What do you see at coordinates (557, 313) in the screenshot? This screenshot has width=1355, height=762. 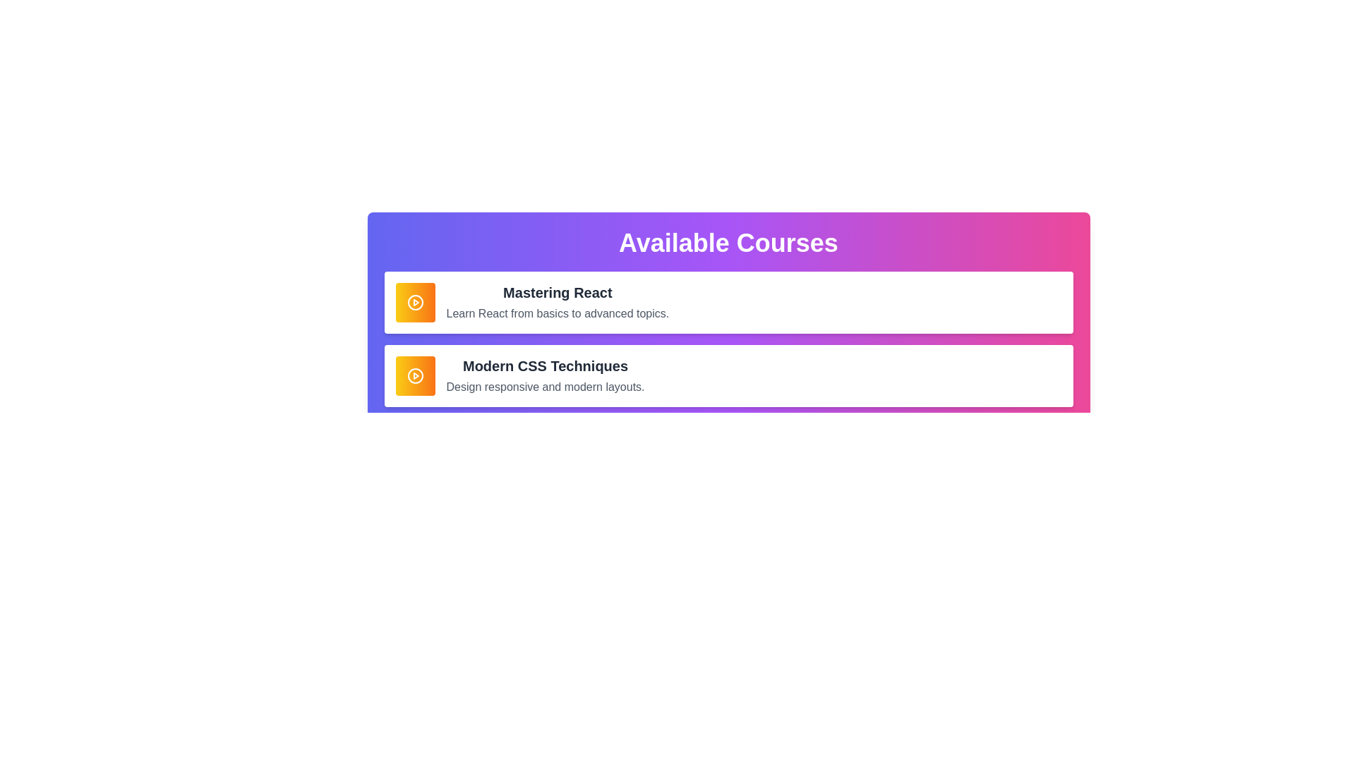 I see `the text element containing the sentence 'Learn React from basics to advanced topics.', which is positioned directly below the title 'Mastering React'` at bounding box center [557, 313].